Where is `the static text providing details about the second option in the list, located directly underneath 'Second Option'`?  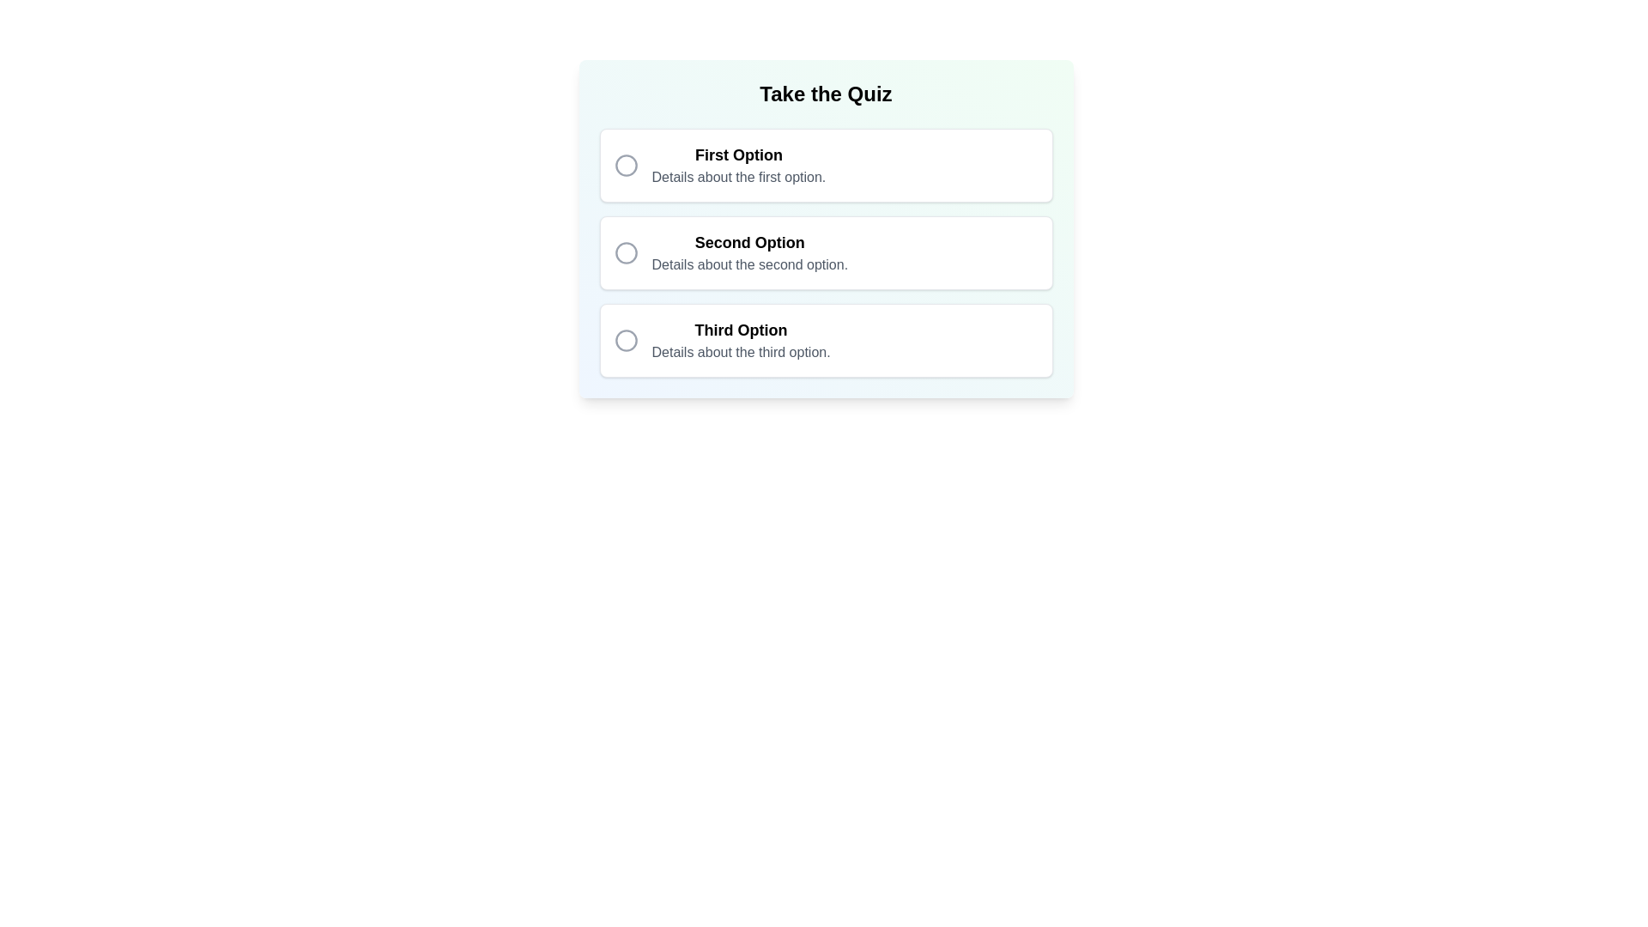
the static text providing details about the second option in the list, located directly underneath 'Second Option' is located at coordinates (749, 264).